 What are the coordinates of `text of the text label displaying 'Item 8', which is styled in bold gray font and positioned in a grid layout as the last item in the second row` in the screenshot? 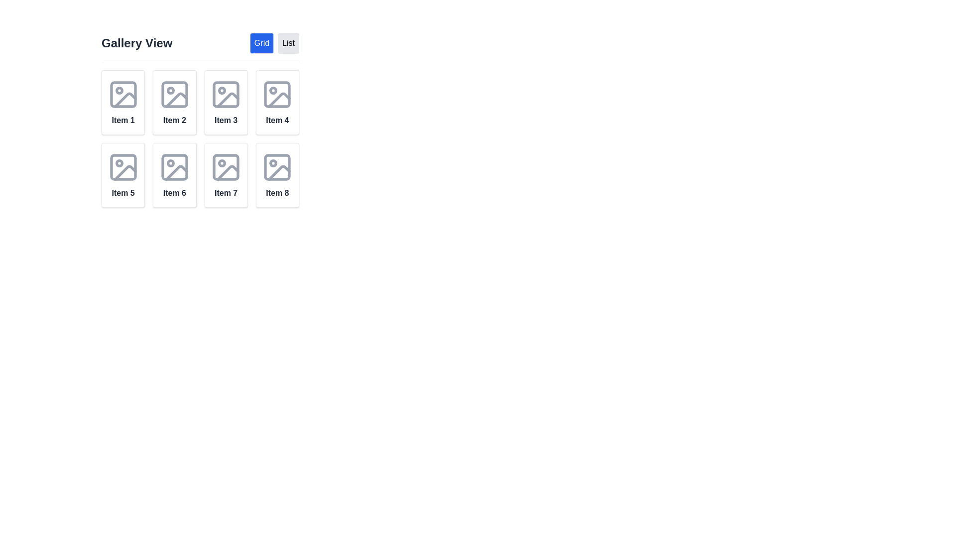 It's located at (277, 193).